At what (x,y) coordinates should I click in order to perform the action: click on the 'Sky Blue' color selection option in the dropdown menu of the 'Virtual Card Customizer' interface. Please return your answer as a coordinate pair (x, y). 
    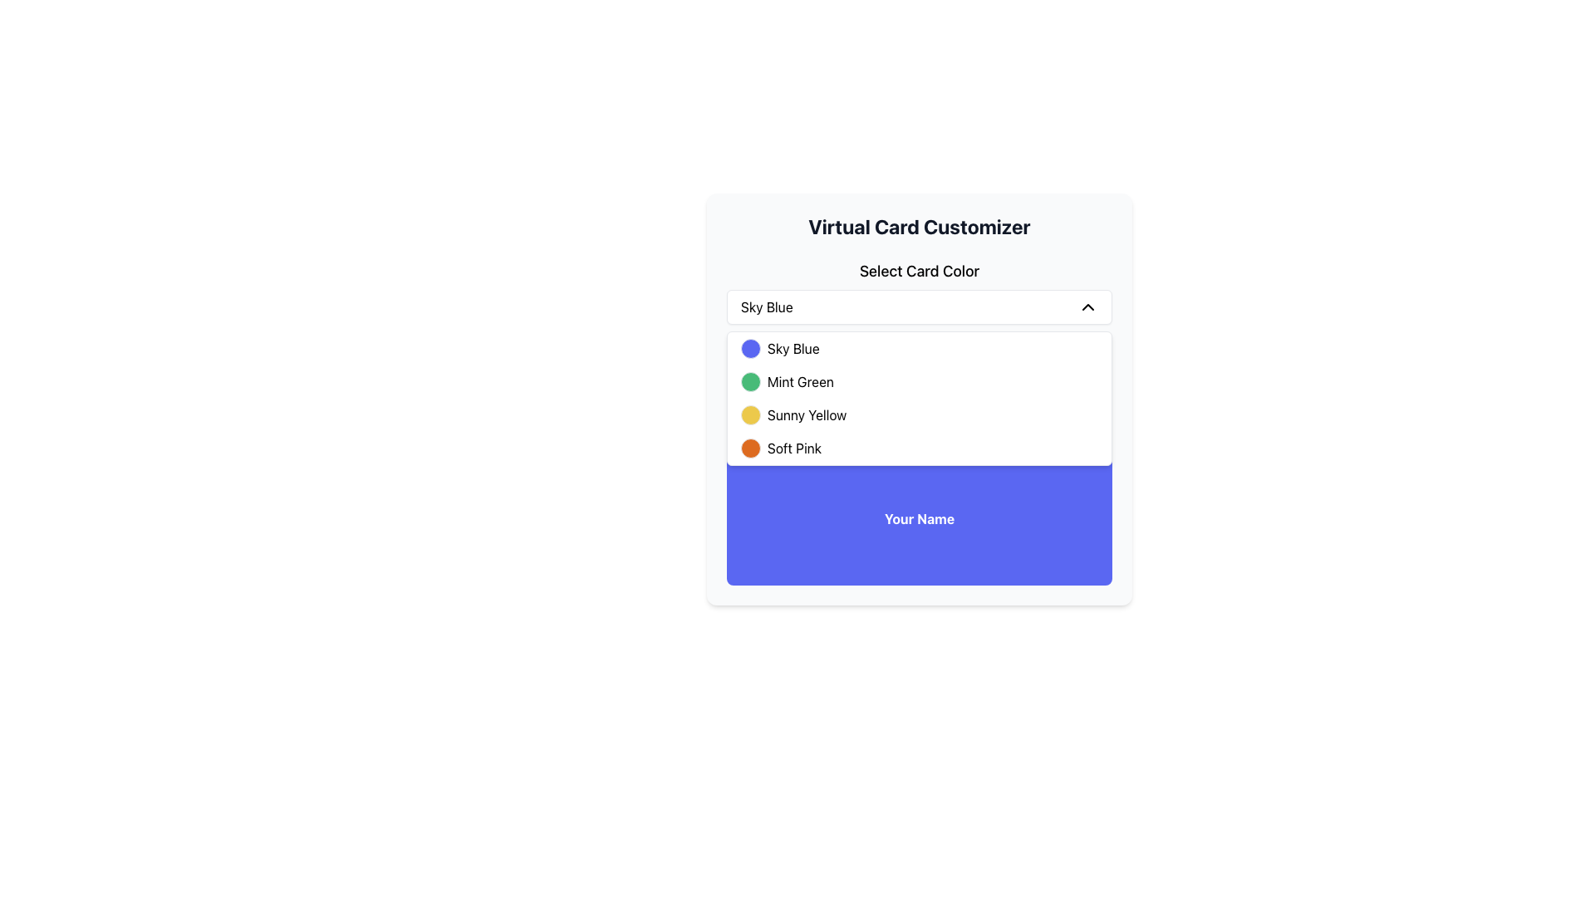
    Looking at the image, I should click on (919, 348).